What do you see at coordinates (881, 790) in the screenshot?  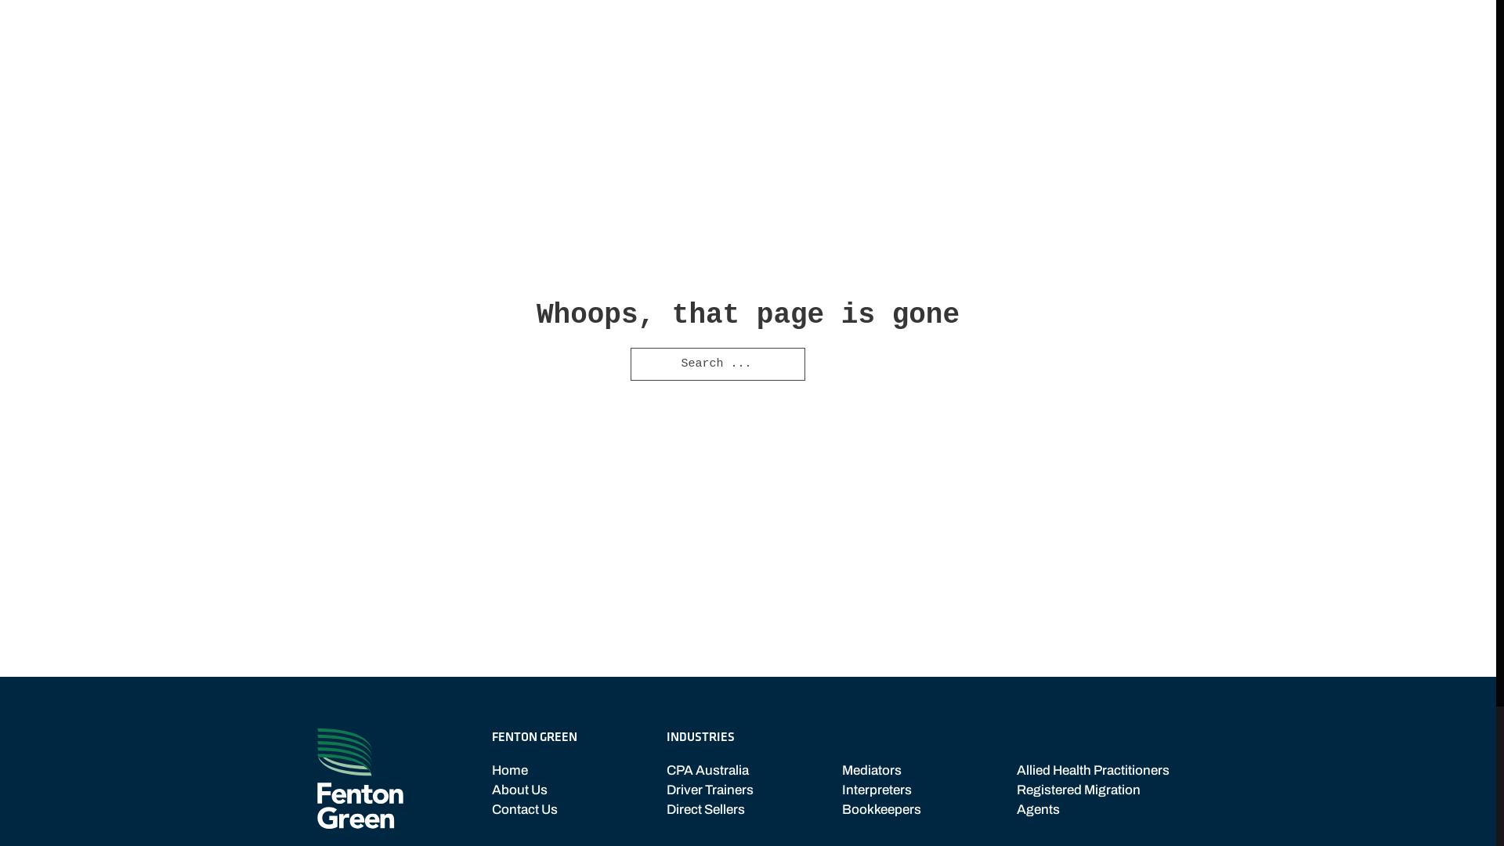 I see `'Interpreters'` at bounding box center [881, 790].